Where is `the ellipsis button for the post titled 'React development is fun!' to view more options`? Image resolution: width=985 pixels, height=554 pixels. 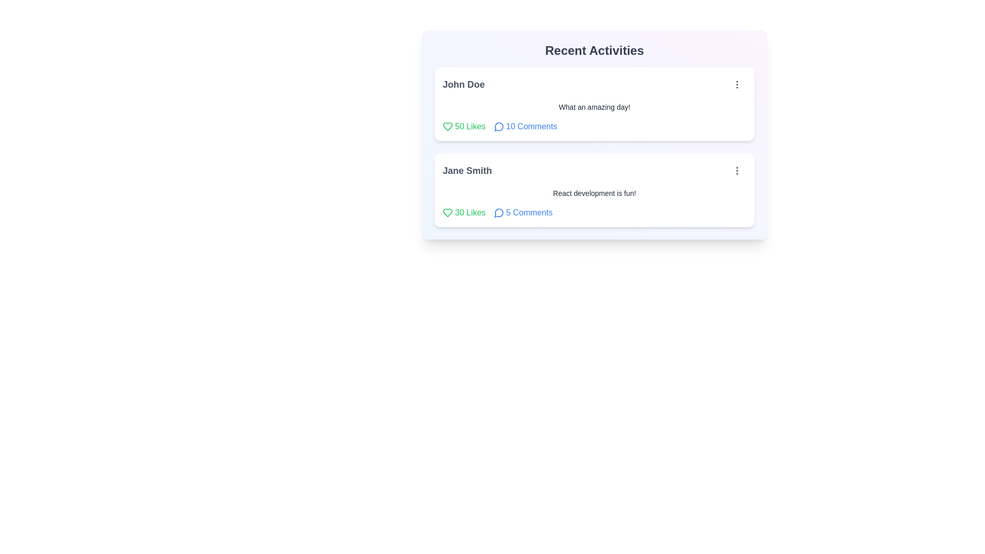
the ellipsis button for the post titled 'React development is fun!' to view more options is located at coordinates (736, 170).